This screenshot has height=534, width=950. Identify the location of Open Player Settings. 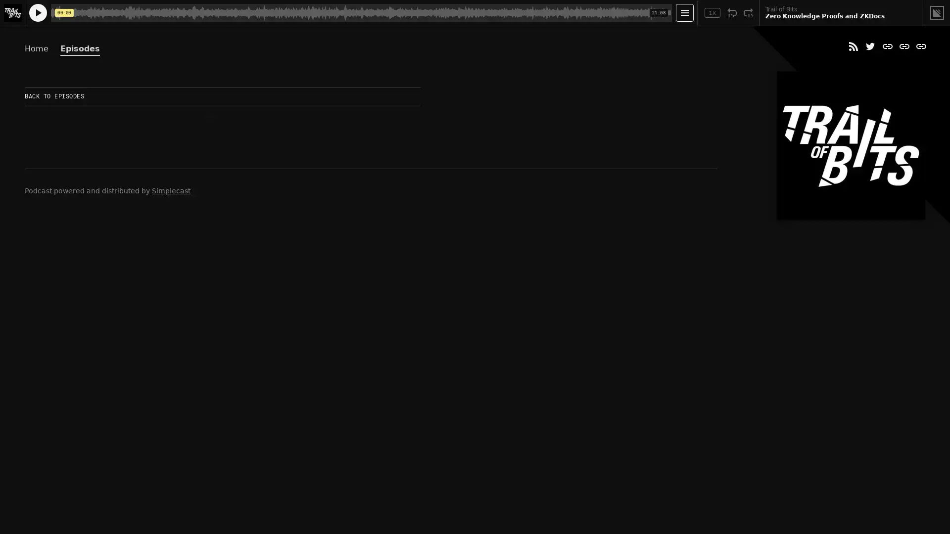
(684, 13).